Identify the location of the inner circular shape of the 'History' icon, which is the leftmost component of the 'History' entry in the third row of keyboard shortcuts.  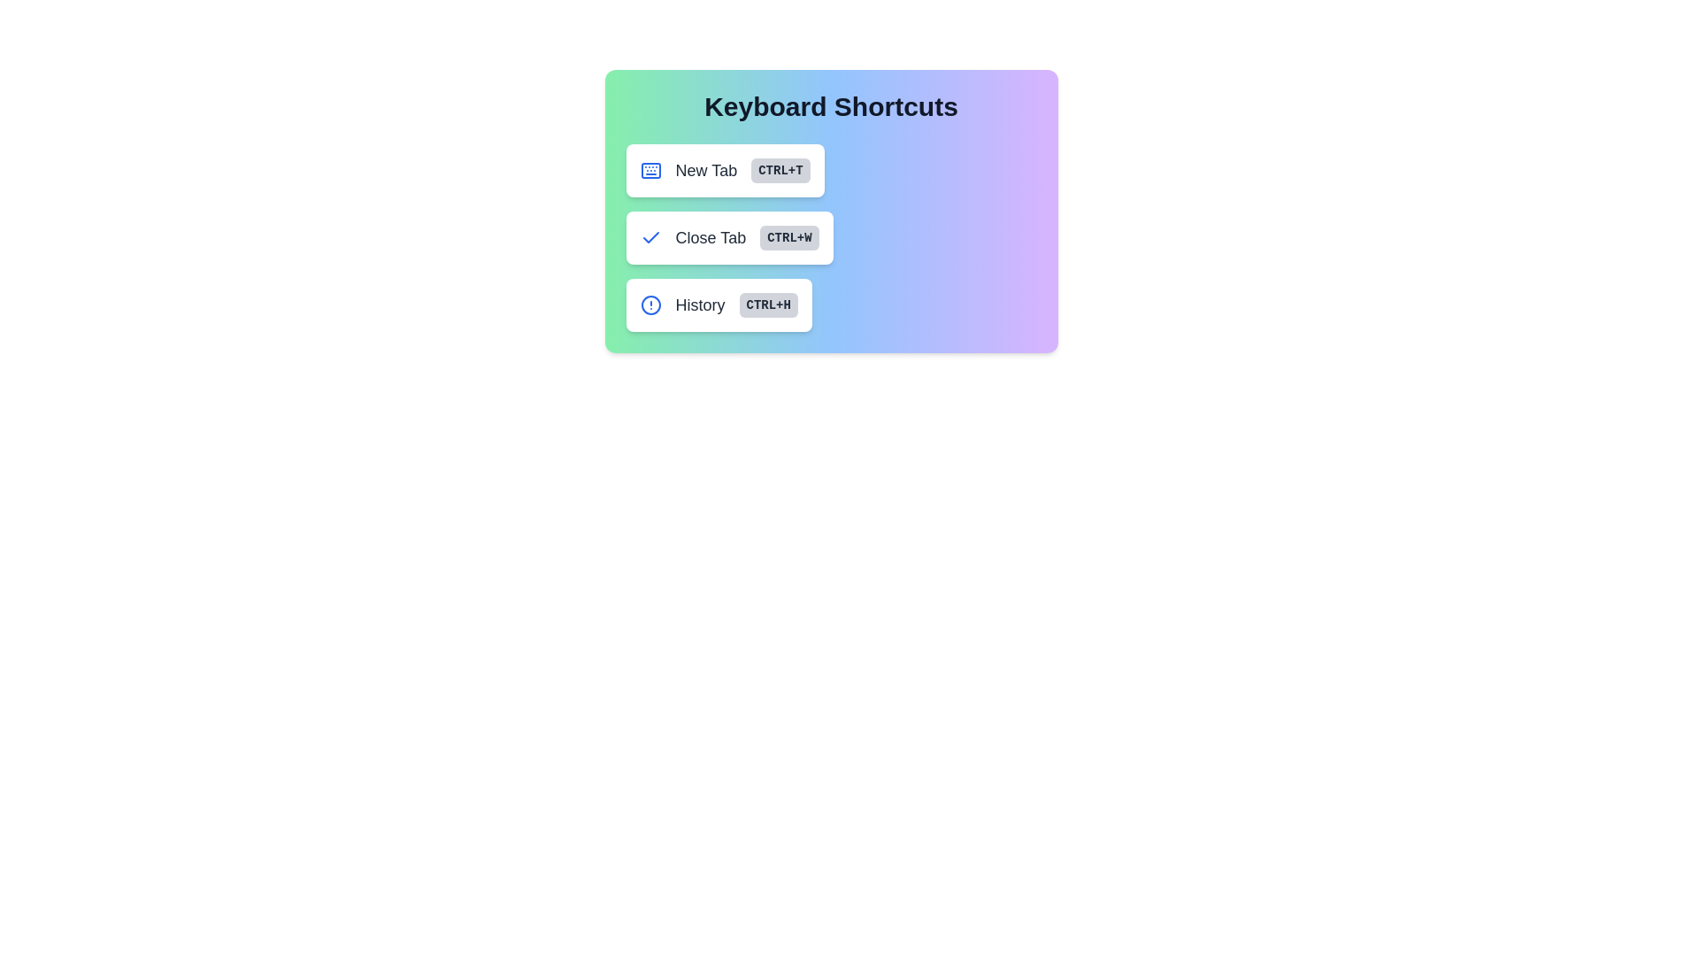
(650, 304).